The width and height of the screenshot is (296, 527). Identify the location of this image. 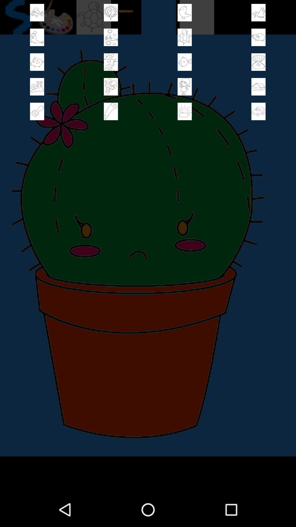
(111, 111).